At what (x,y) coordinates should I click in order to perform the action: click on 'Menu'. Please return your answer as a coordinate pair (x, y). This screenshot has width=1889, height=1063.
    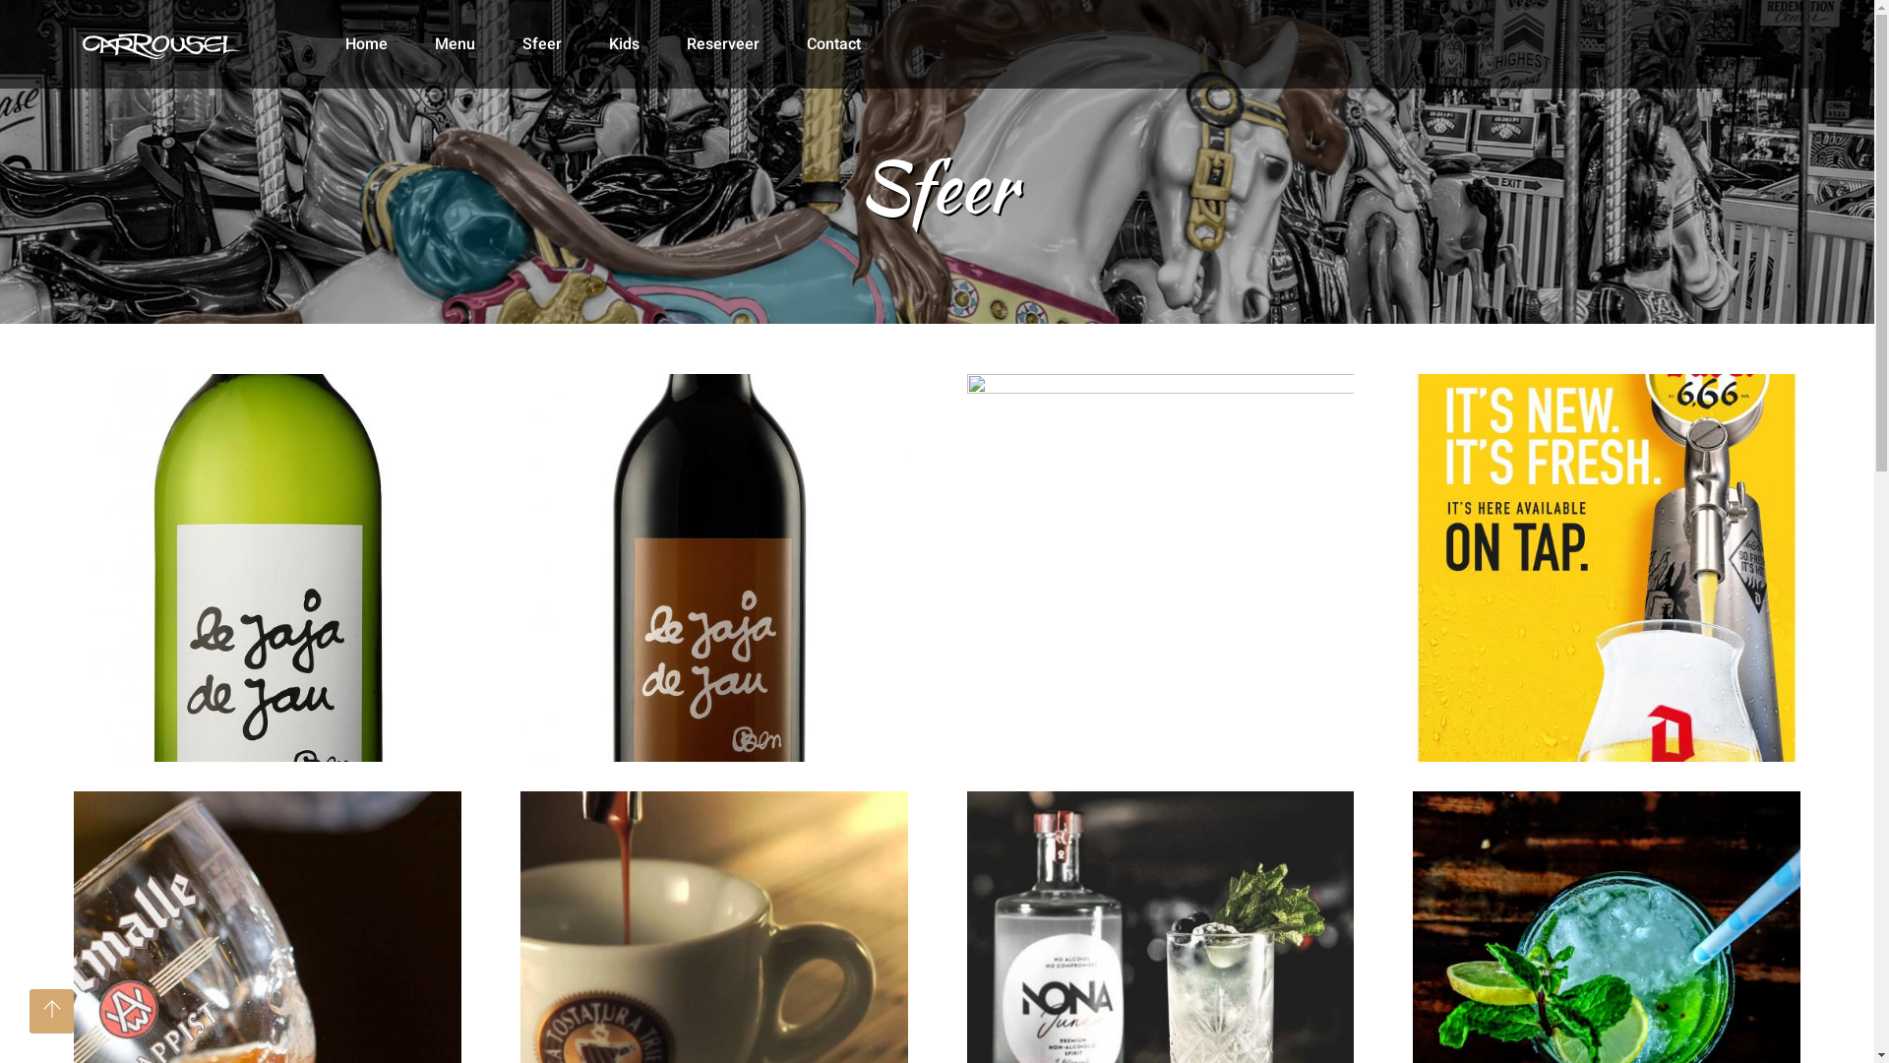
    Looking at the image, I should click on (409, 44).